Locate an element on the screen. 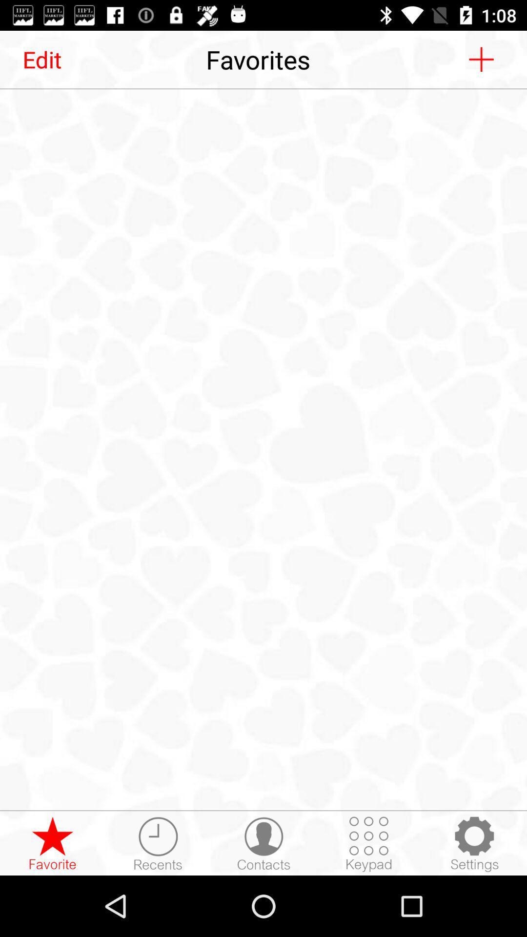 This screenshot has width=527, height=937. the settings icon is located at coordinates (474, 843).